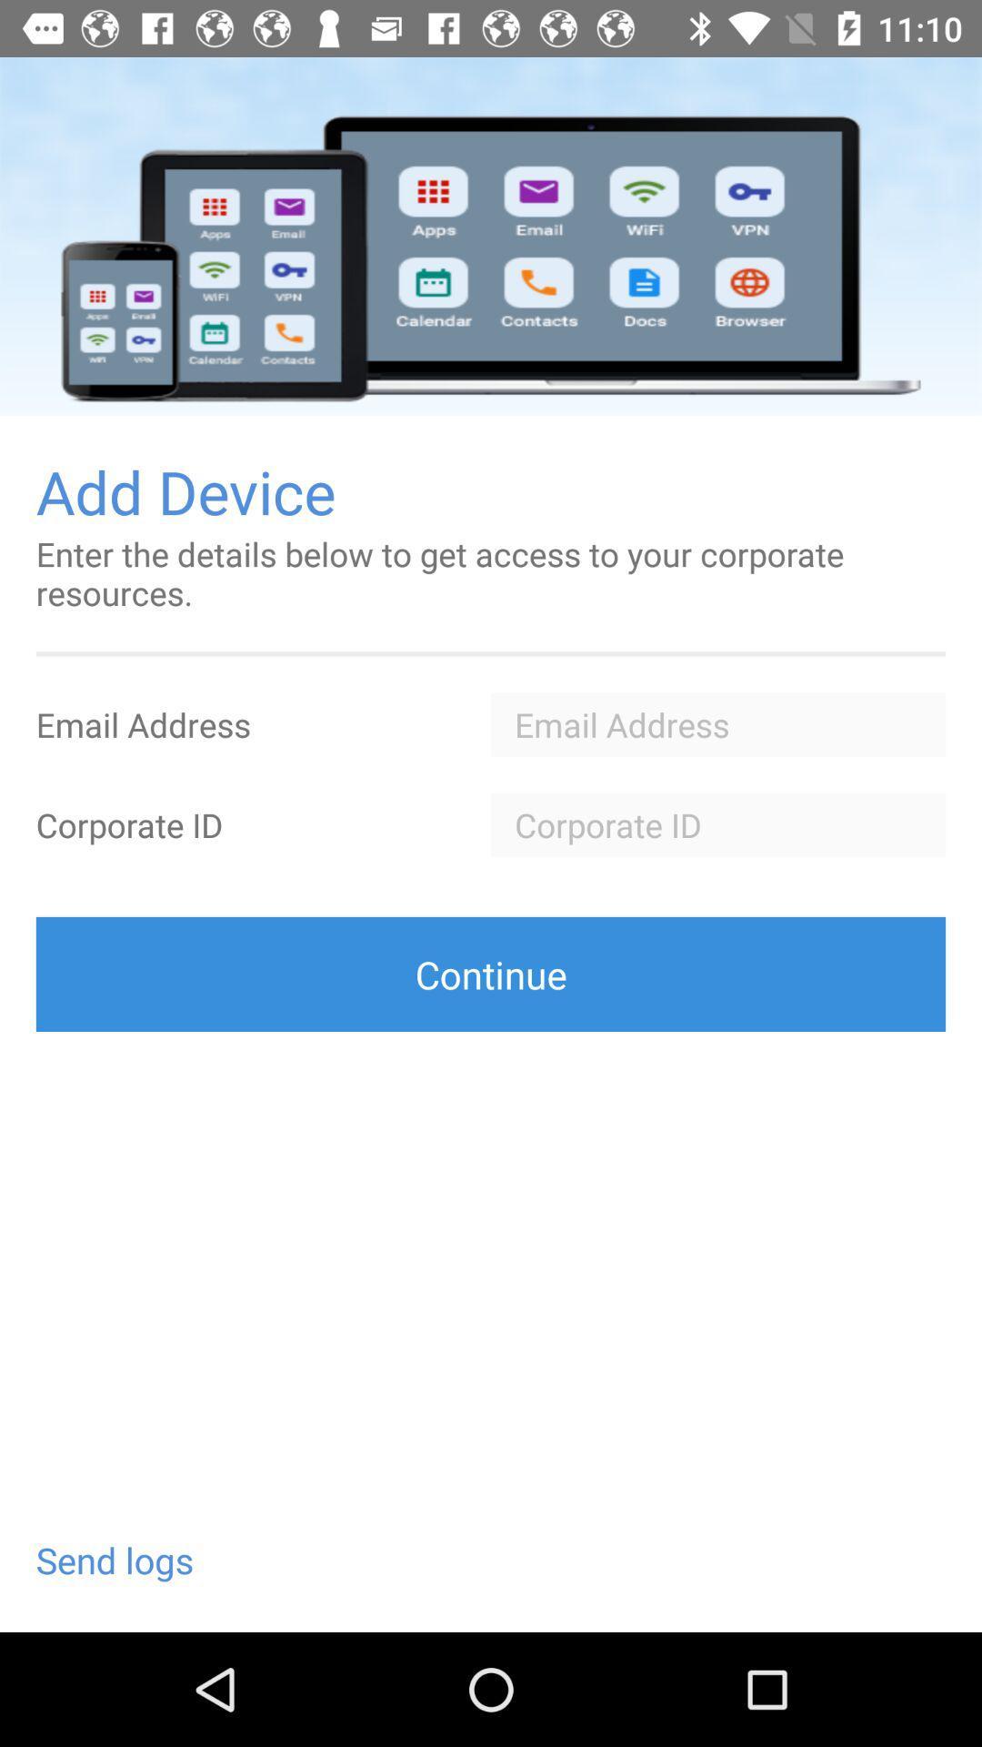 The image size is (982, 1747). Describe the element at coordinates (717, 823) in the screenshot. I see `type text` at that location.